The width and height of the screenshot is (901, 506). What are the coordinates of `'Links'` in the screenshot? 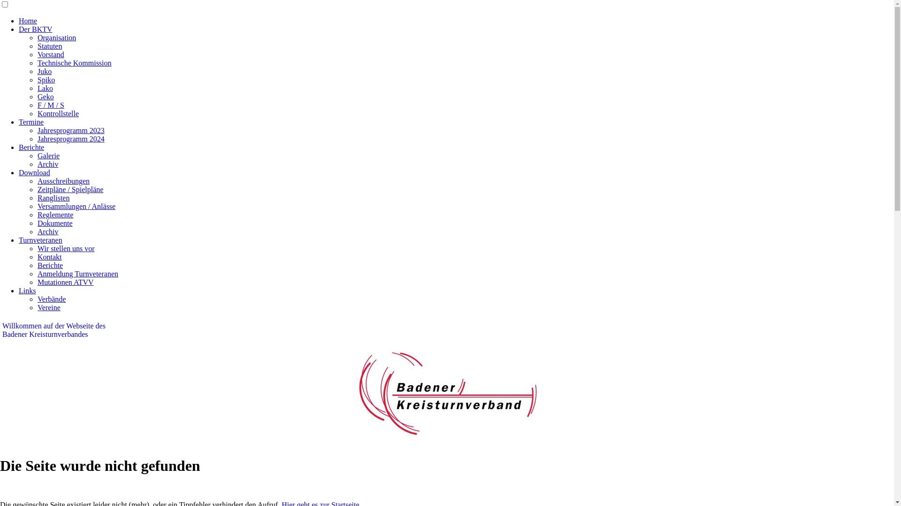 It's located at (27, 290).